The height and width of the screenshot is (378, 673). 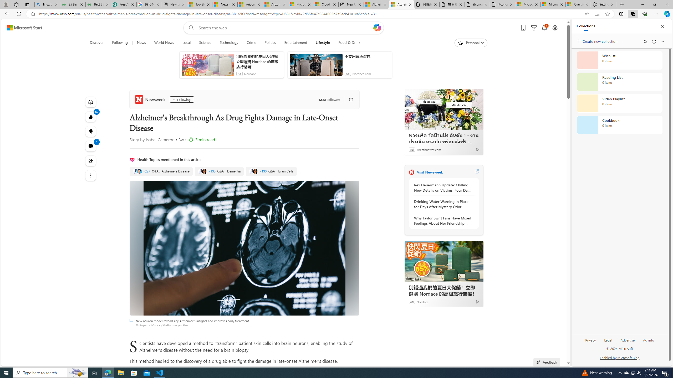 I want to click on 'Reading List collection, 0 items', so click(x=619, y=81).